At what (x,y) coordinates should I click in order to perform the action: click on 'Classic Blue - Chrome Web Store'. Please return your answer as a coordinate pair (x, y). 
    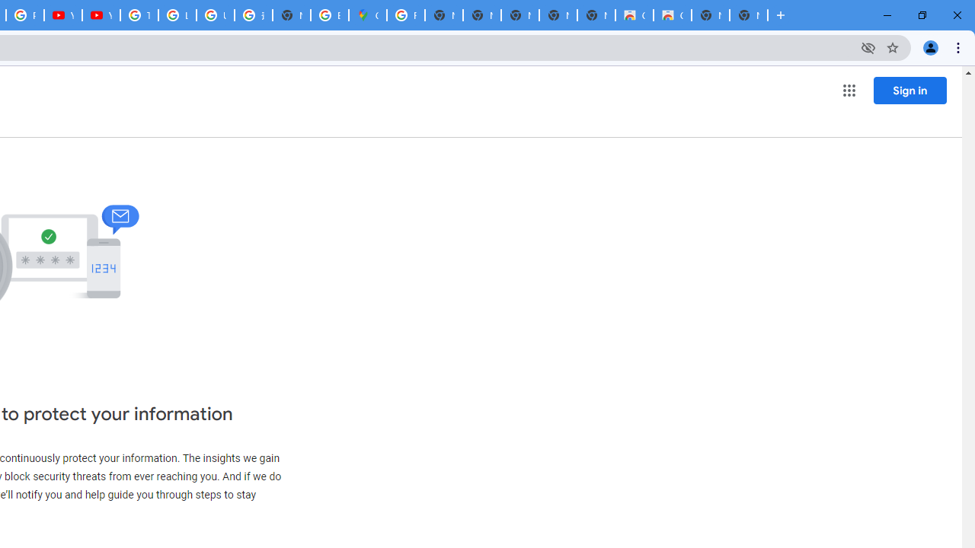
    Looking at the image, I should click on (671, 15).